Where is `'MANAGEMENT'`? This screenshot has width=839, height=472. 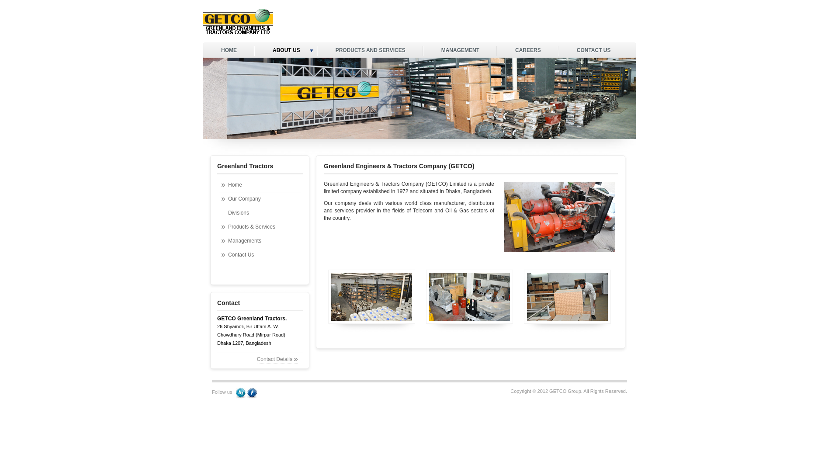
'MANAGEMENT' is located at coordinates (460, 51).